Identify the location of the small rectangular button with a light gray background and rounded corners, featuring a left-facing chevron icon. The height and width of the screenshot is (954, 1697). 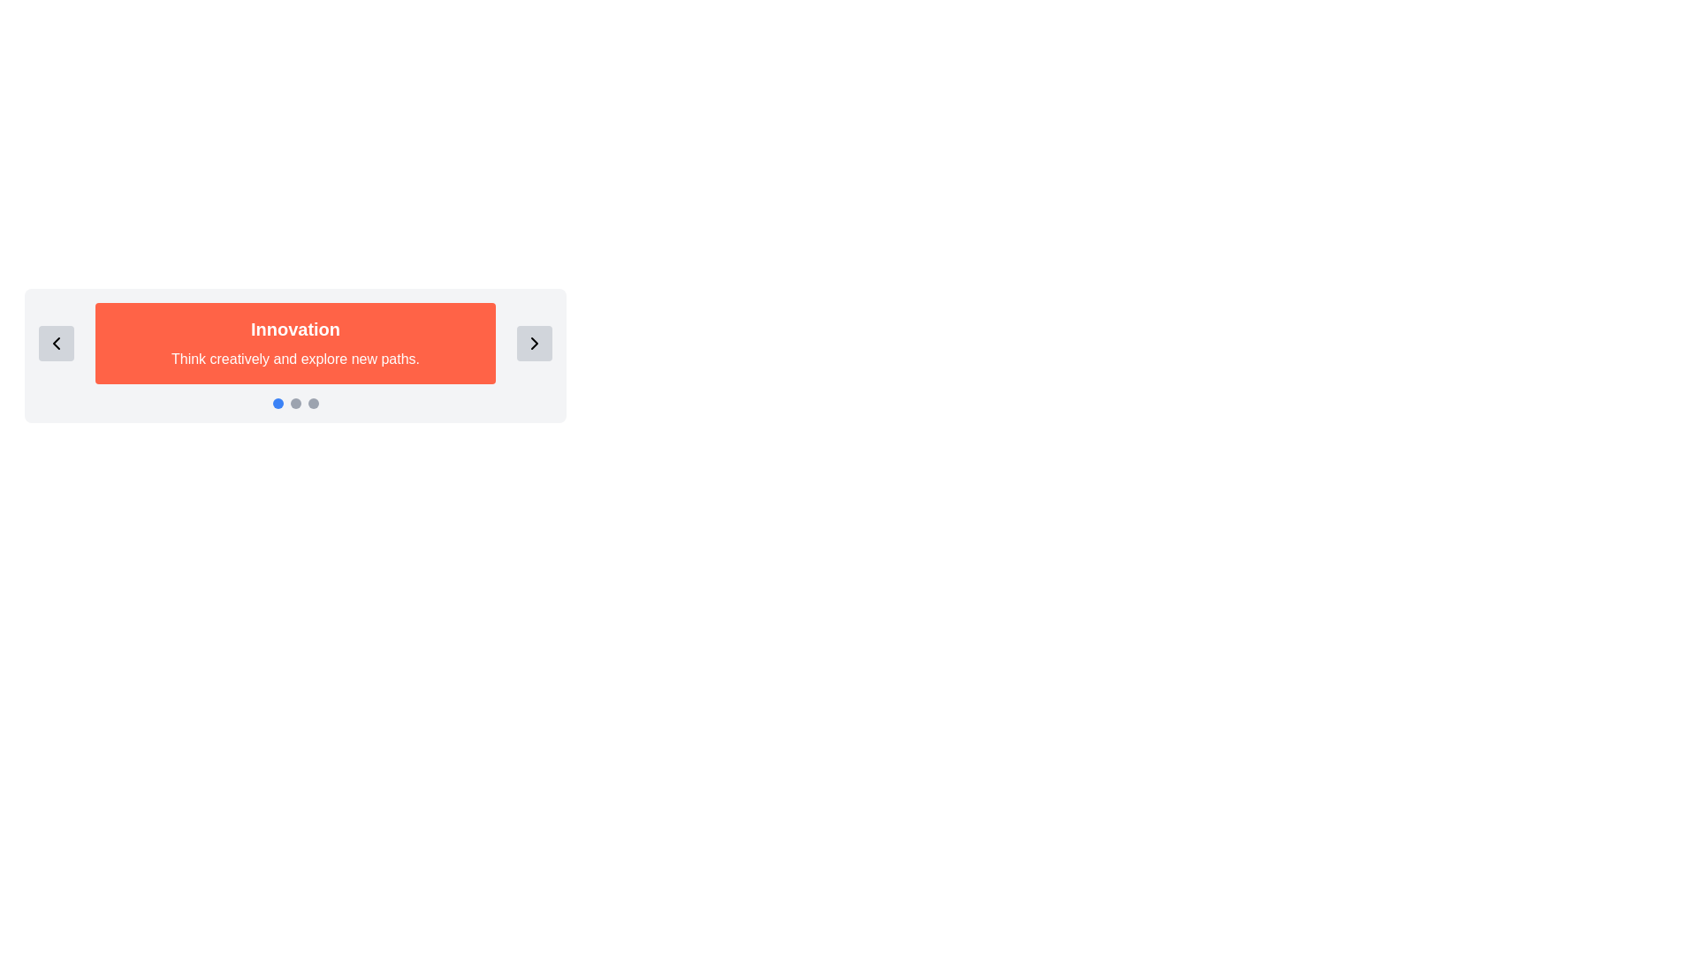
(56, 344).